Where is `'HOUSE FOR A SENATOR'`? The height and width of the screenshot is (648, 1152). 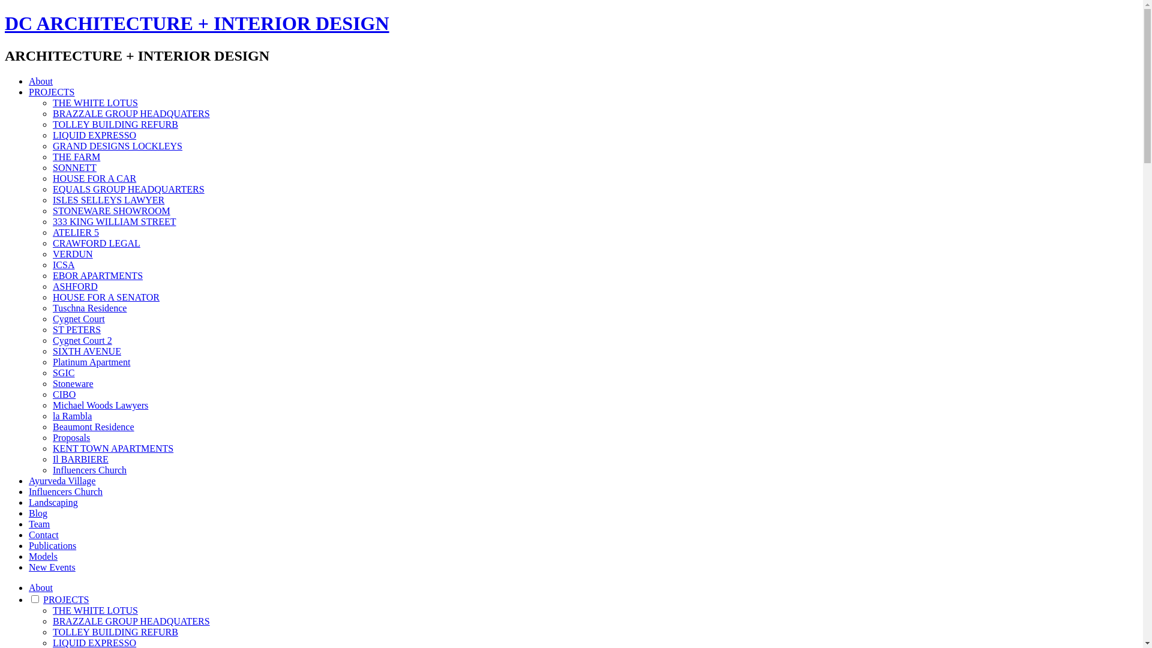
'HOUSE FOR A SENATOR' is located at coordinates (106, 297).